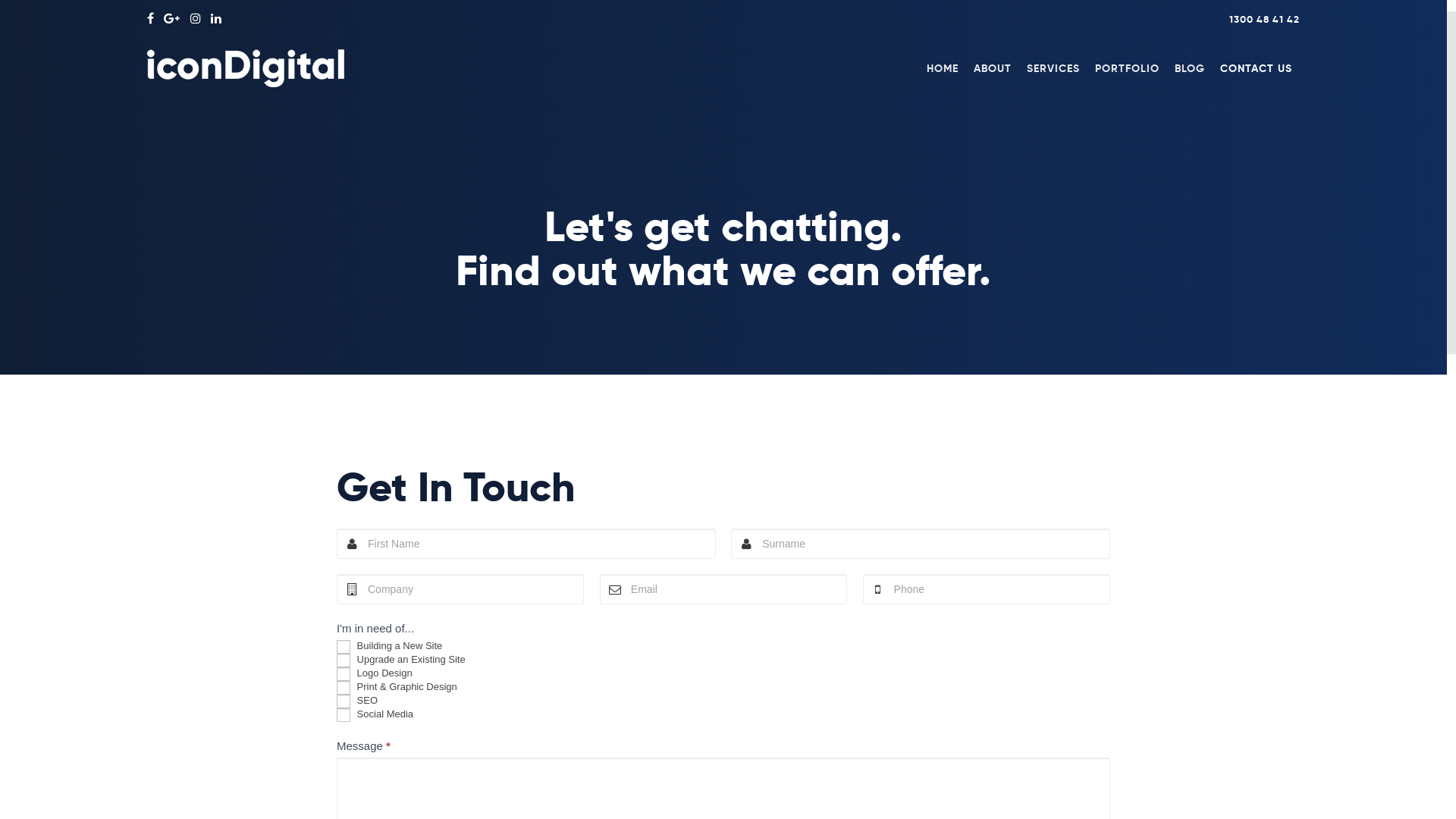  What do you see at coordinates (1052, 67) in the screenshot?
I see `'SERVICES'` at bounding box center [1052, 67].